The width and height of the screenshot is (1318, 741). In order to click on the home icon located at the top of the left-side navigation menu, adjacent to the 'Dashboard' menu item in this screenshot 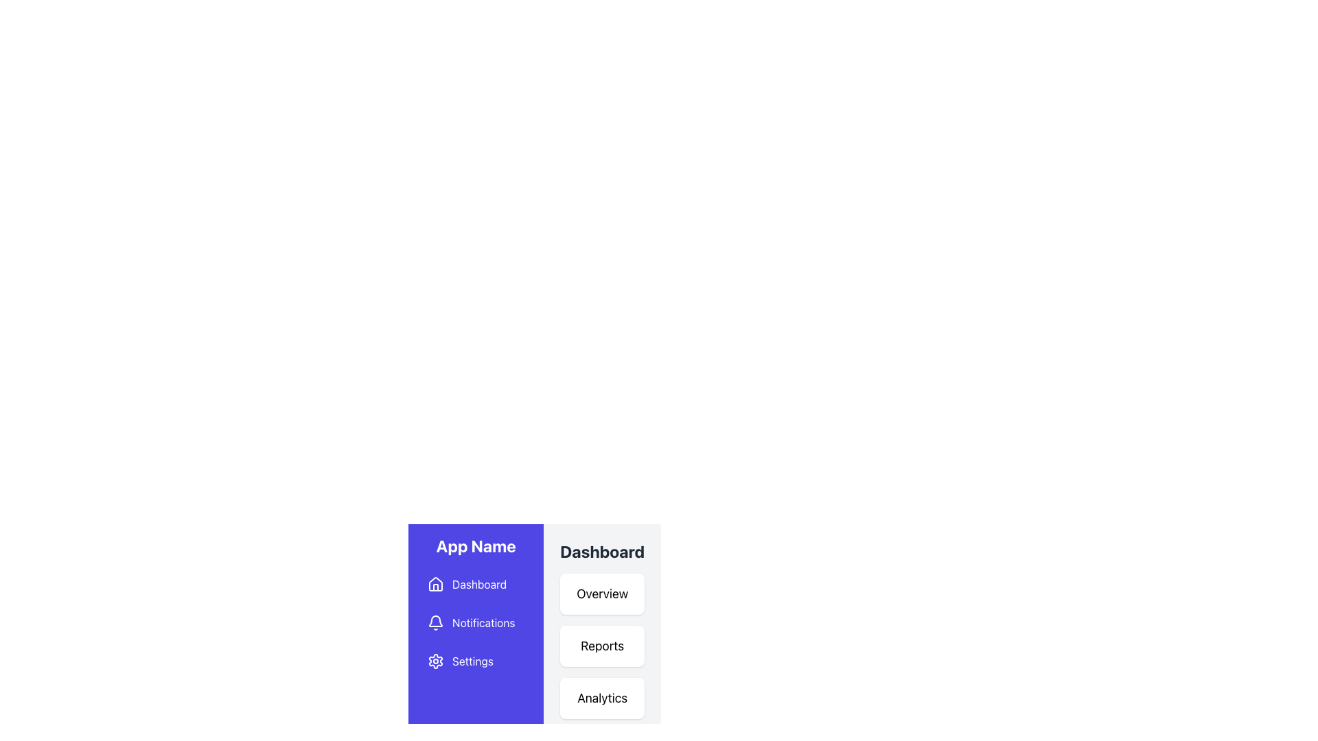, I will do `click(435, 585)`.